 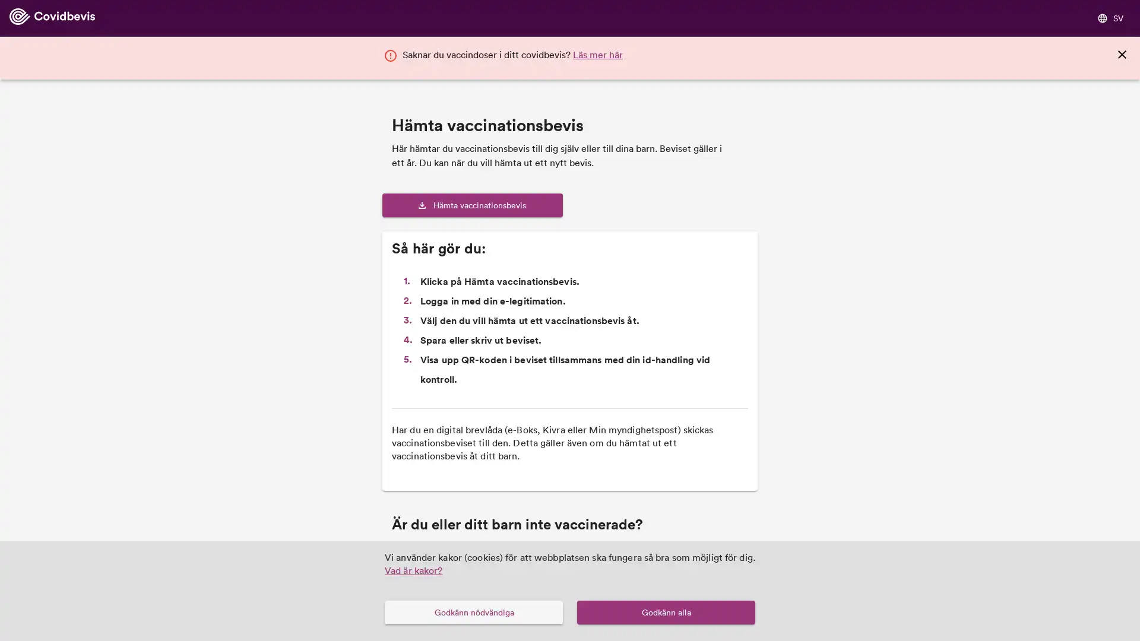 I want to click on Godkann alla, so click(x=666, y=612).